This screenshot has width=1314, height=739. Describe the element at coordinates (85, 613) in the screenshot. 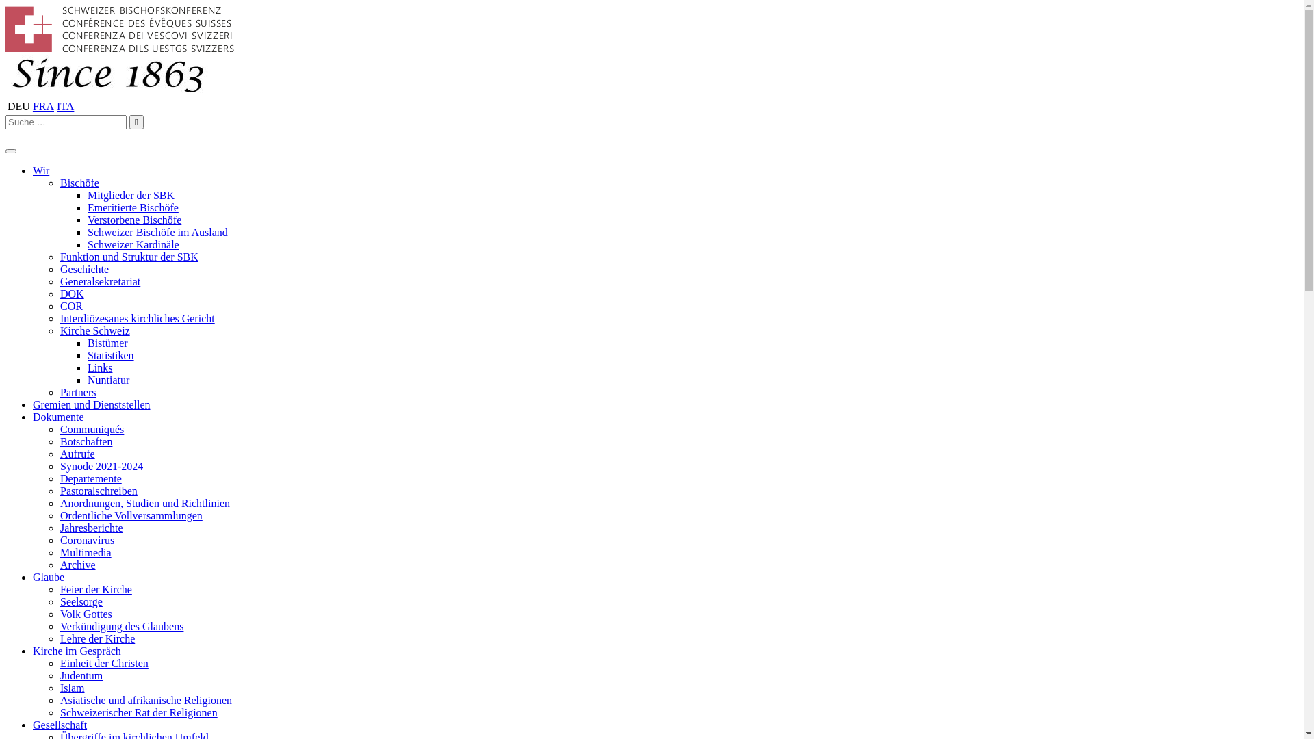

I see `'Volk Gottes'` at that location.